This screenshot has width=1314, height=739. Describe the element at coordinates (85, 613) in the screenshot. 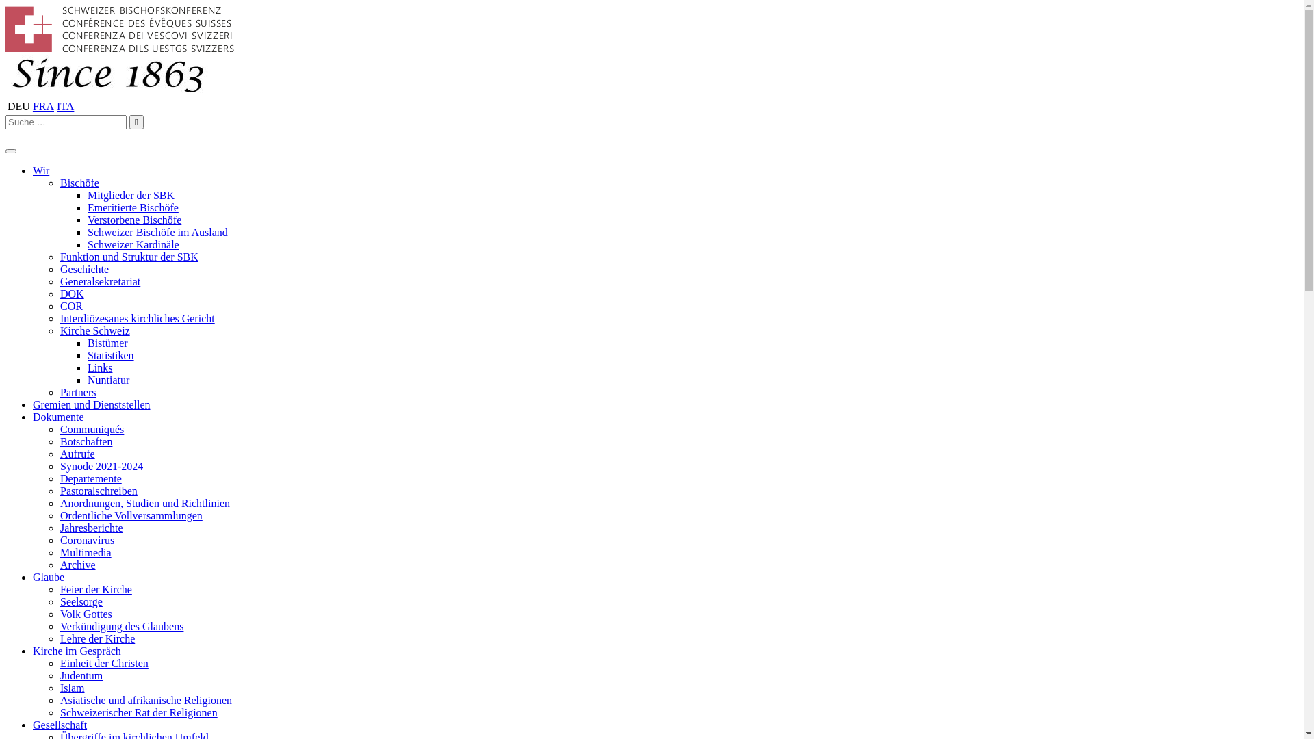

I see `'Volk Gottes'` at that location.